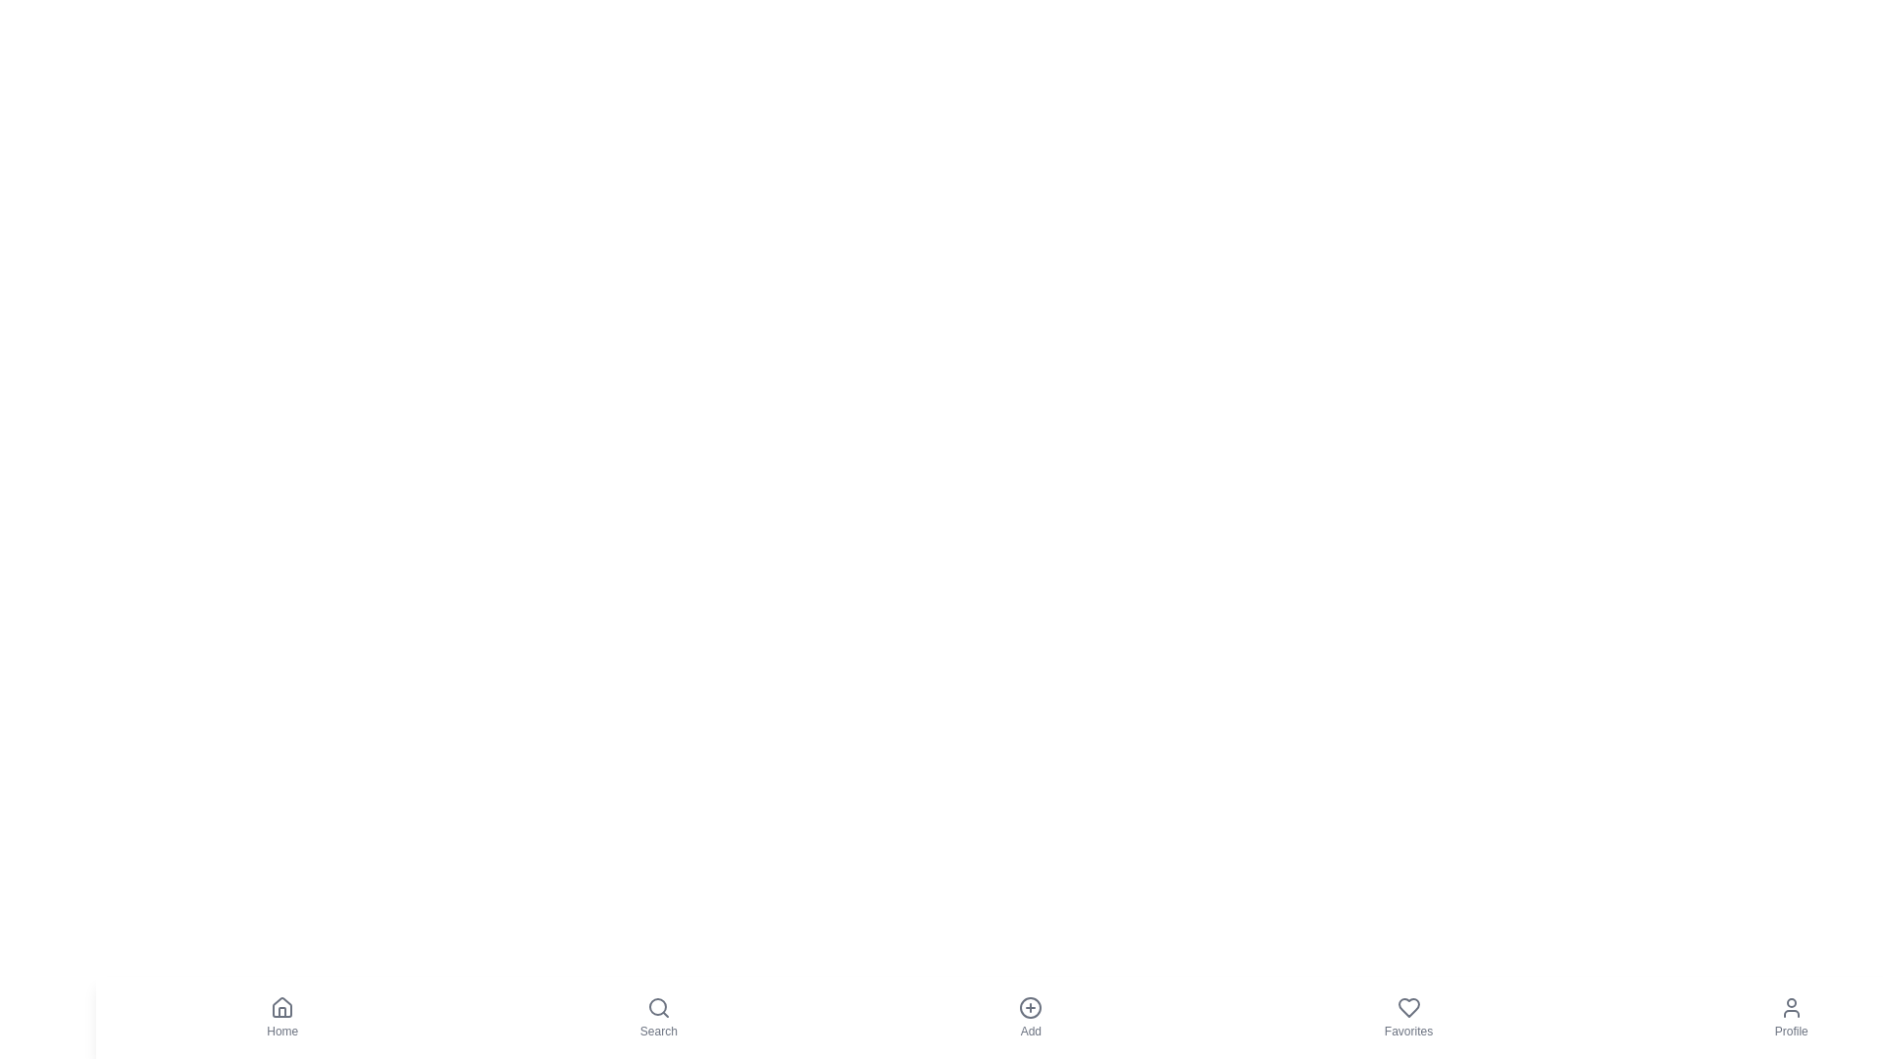 The width and height of the screenshot is (1883, 1059). Describe the element at coordinates (1791, 1016) in the screenshot. I see `the Profile navigation button located at the far right of the horizontal navigation bar at the bottom of the UI` at that location.